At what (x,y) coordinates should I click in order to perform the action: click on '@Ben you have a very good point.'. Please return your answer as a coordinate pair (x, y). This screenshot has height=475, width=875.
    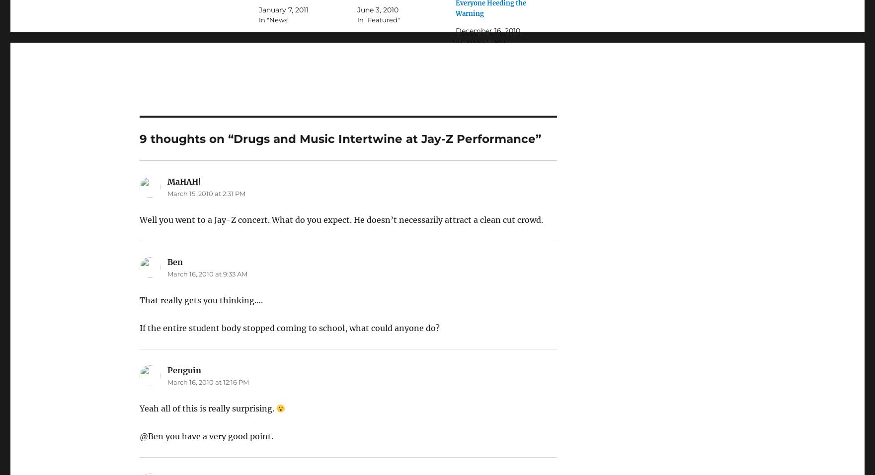
    Looking at the image, I should click on (205, 436).